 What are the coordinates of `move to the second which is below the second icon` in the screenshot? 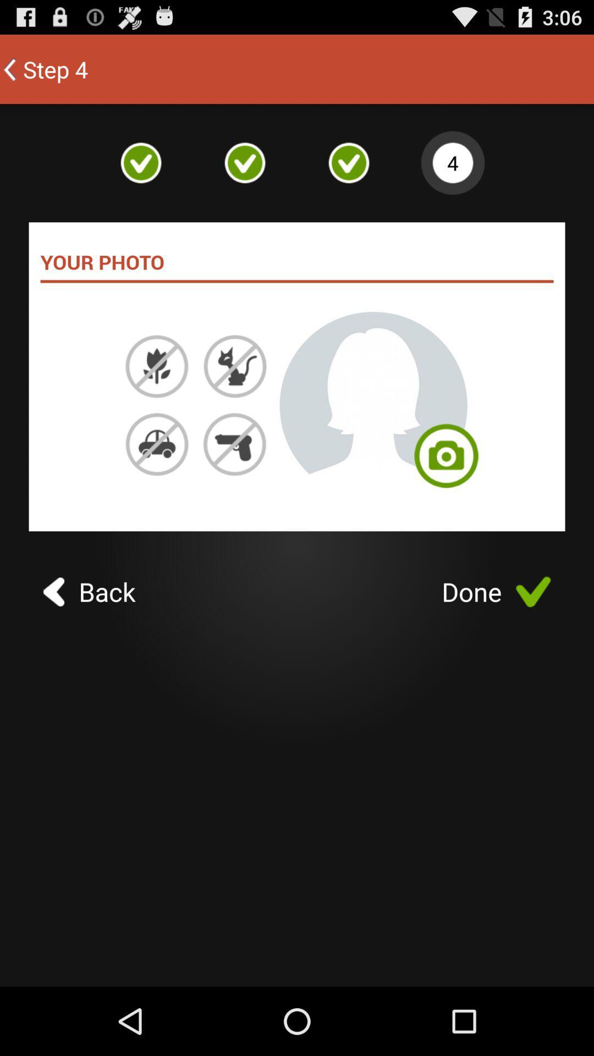 It's located at (234, 366).